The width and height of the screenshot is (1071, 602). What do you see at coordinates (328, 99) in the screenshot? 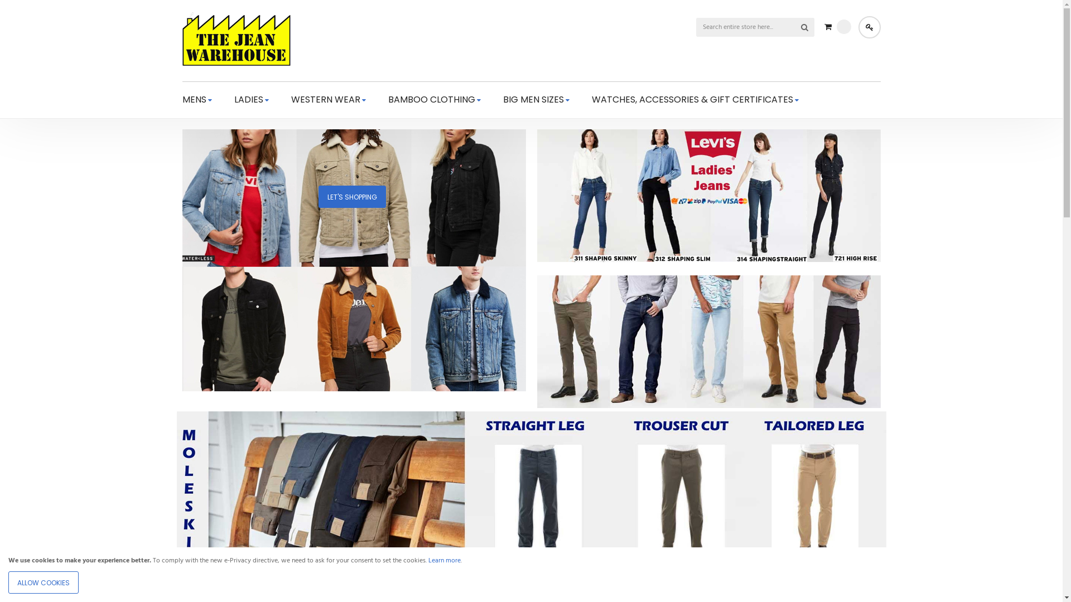
I see `'WESTERN WEAR'` at bounding box center [328, 99].